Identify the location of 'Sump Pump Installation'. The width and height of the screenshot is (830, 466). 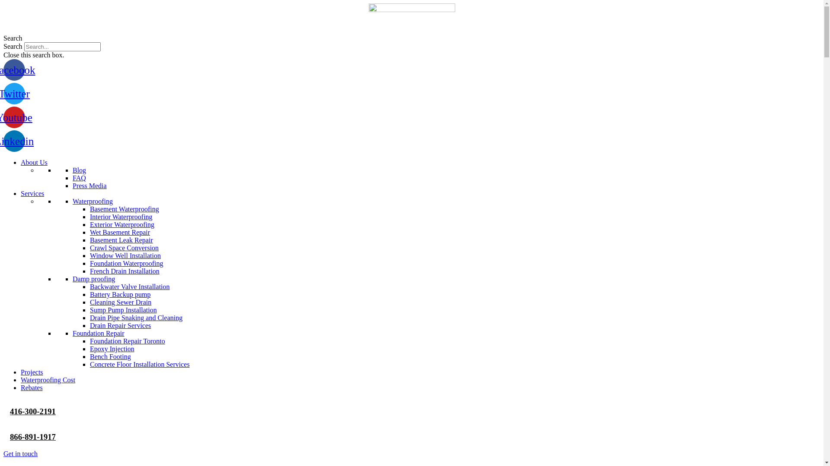
(89, 309).